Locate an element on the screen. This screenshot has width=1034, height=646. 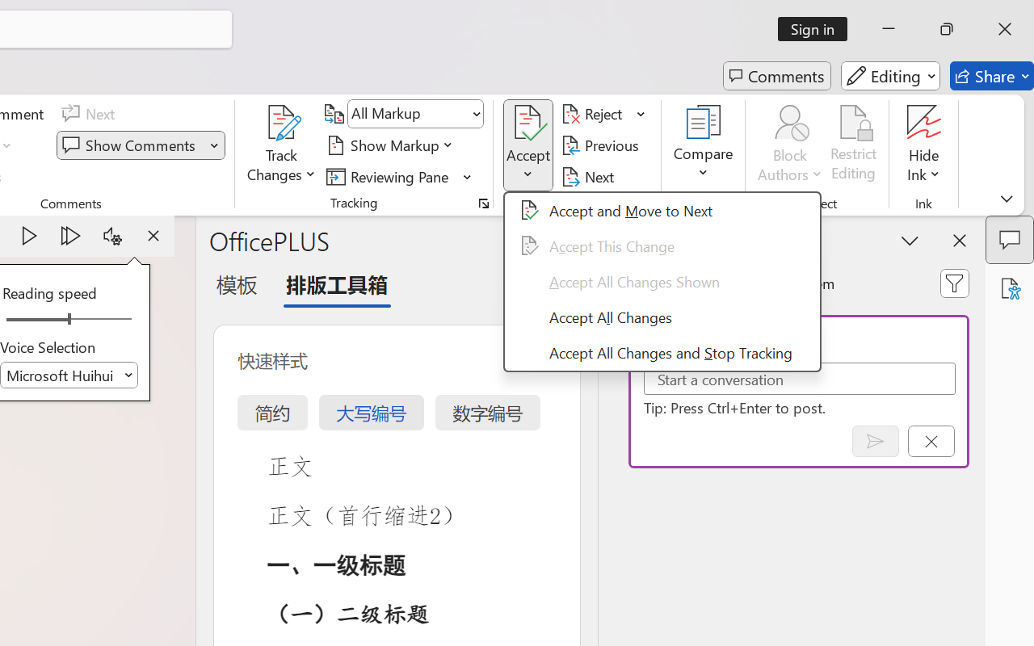
'Cancel' is located at coordinates (931, 441).